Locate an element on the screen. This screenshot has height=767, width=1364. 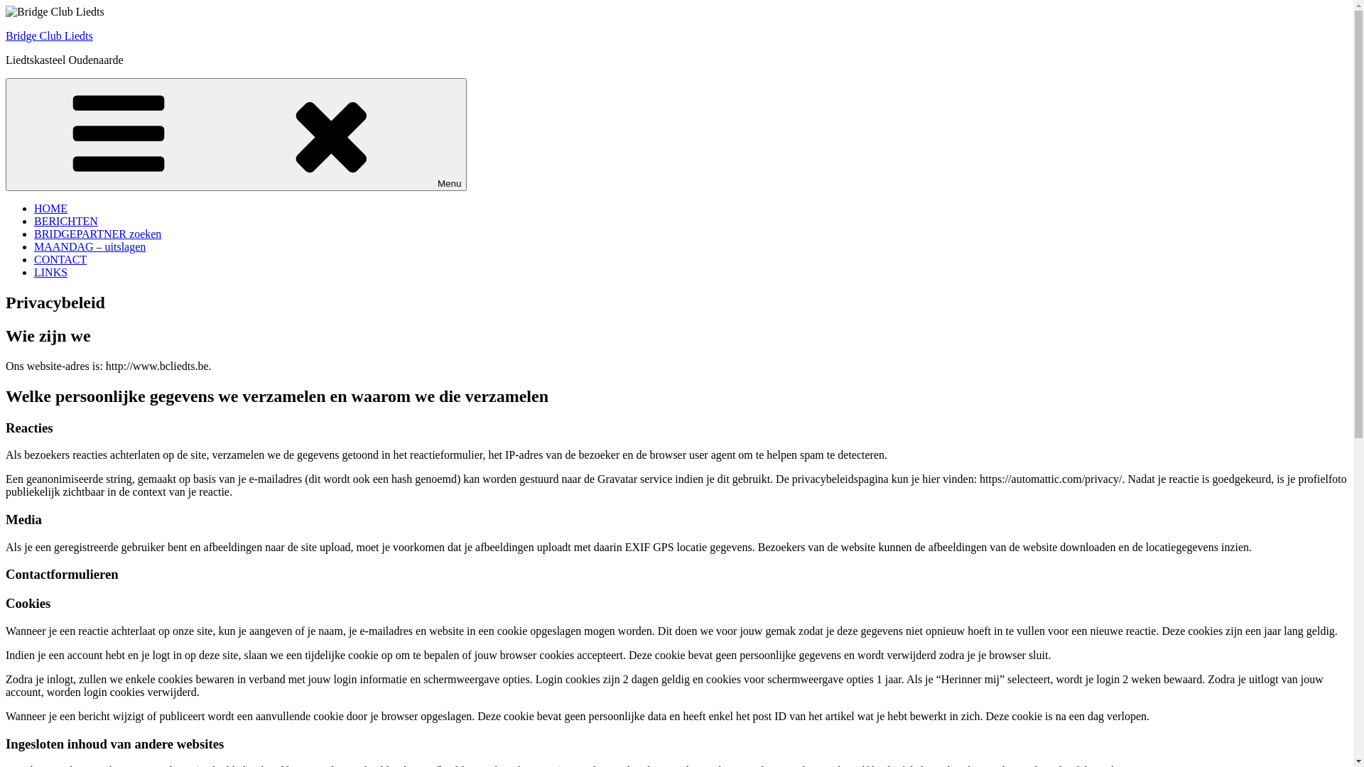
'HOME' is located at coordinates (50, 208).